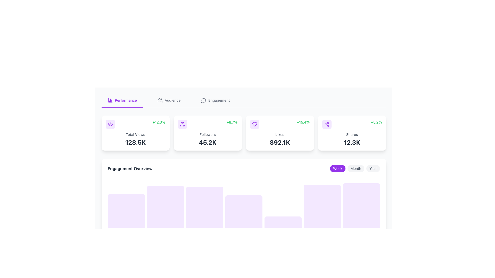 The width and height of the screenshot is (495, 278). I want to click on the 'Likes' text label, which is displayed in gray font and positioned centrally below a heart-shaped icon within the third summary card, so click(279, 134).